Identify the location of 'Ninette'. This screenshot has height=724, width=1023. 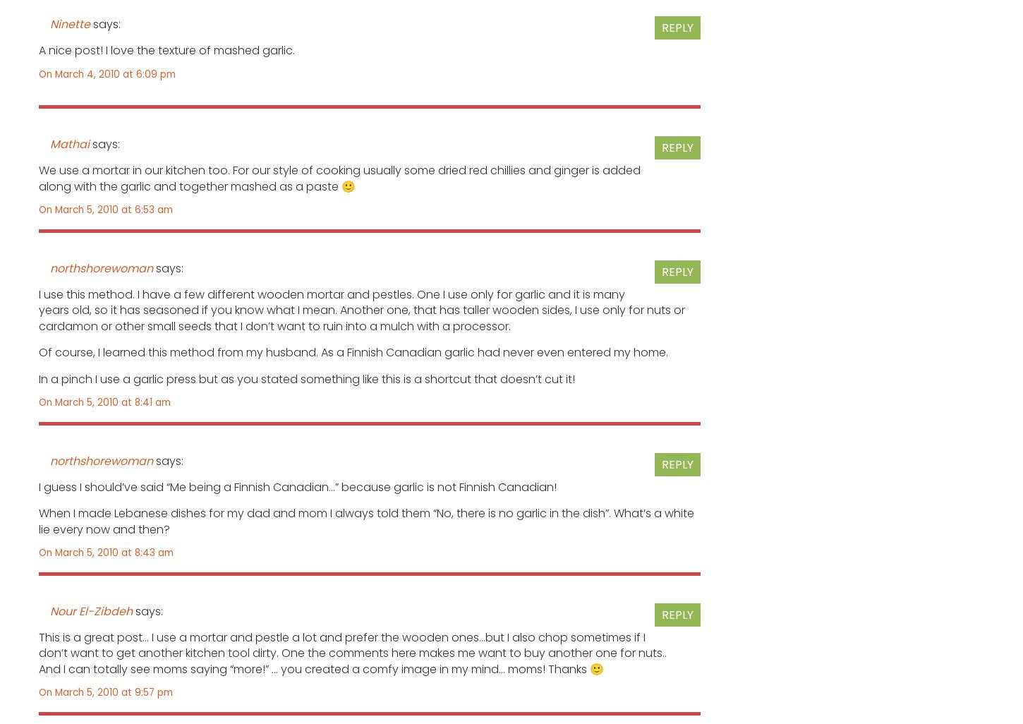
(70, 23).